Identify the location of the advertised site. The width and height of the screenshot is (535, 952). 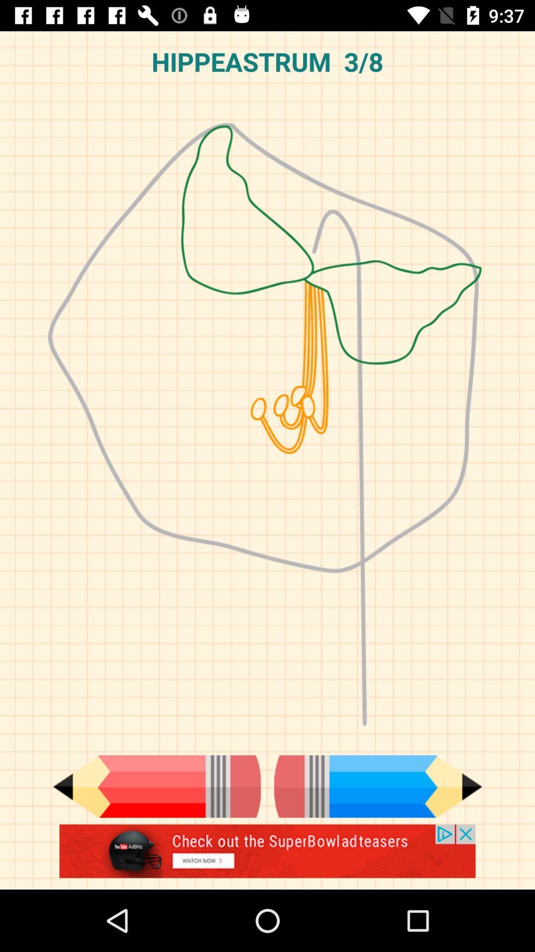
(267, 856).